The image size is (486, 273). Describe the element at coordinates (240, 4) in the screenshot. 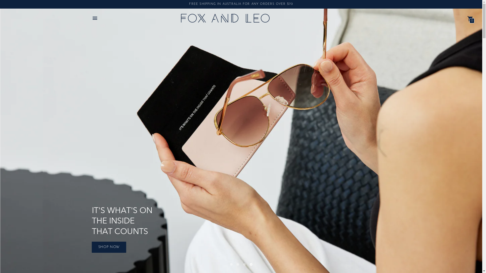

I see `'FREE SHIPPING IN AUSTRALIA FOR ANY ORDERS OVER $70'` at that location.